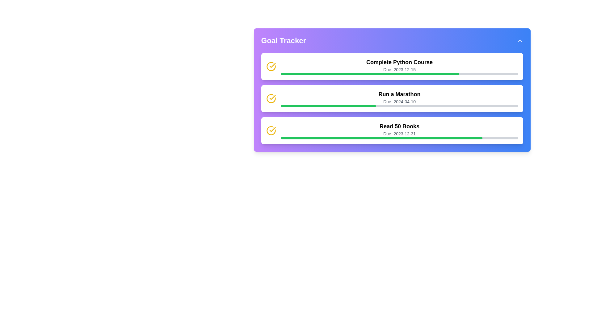 The image size is (593, 333). What do you see at coordinates (370, 73) in the screenshot?
I see `the Progress indicator located in the first horizontal progress bar below the 'Complete Python Course' label, which represents 75% completion` at bounding box center [370, 73].